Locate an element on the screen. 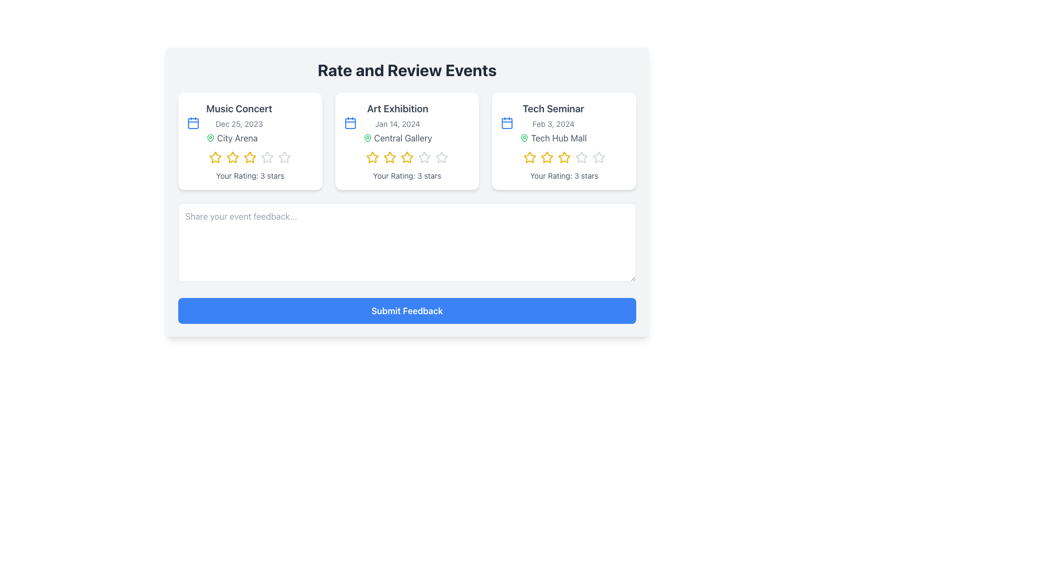  the third star icon in the star rating system under the 'Tech Seminar' card, which enlarges when interacted with is located at coordinates (563, 158).